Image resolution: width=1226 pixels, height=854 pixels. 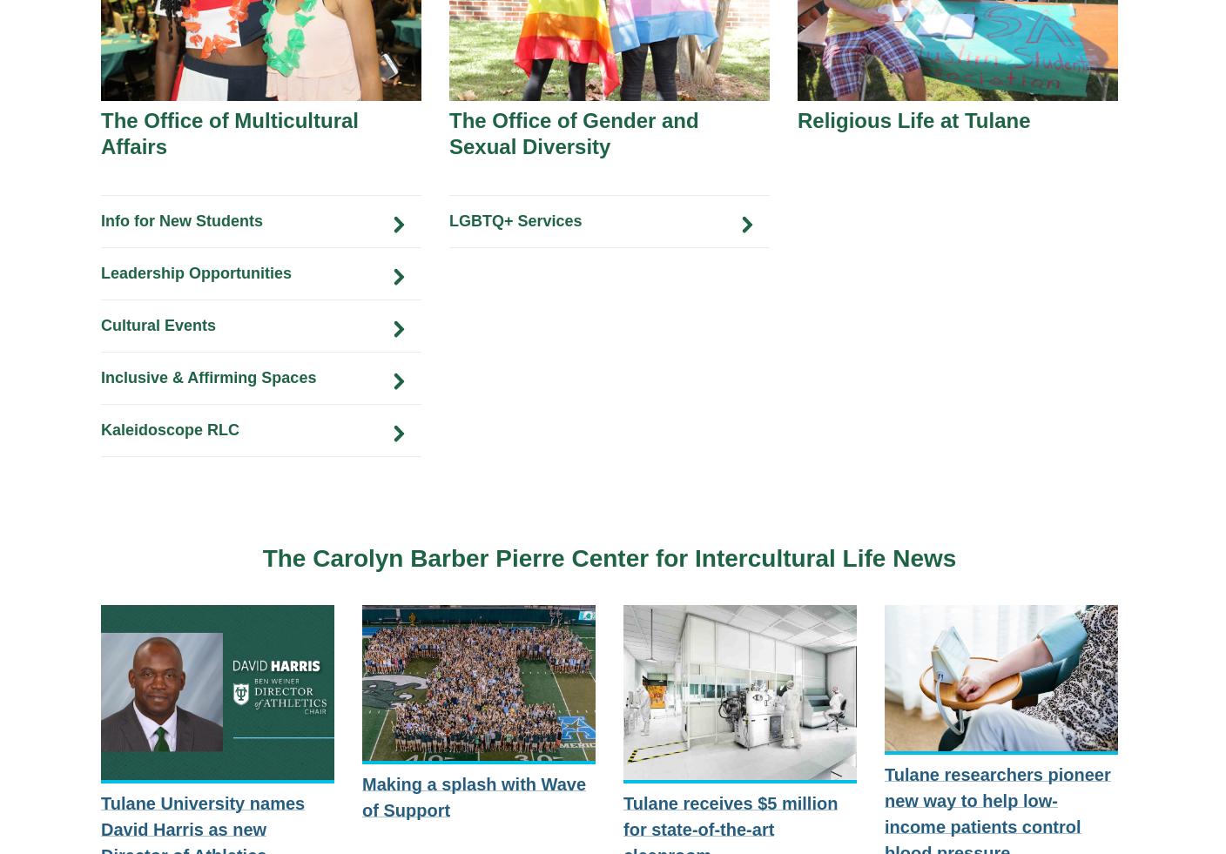 What do you see at coordinates (169, 428) in the screenshot?
I see `'Kaleidoscope RLC'` at bounding box center [169, 428].